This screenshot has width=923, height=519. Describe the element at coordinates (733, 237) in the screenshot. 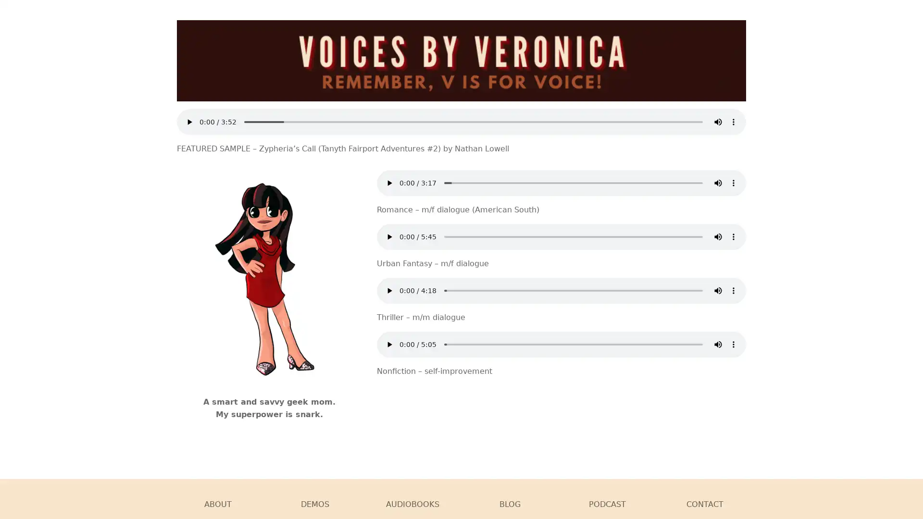

I see `show more media controls` at that location.